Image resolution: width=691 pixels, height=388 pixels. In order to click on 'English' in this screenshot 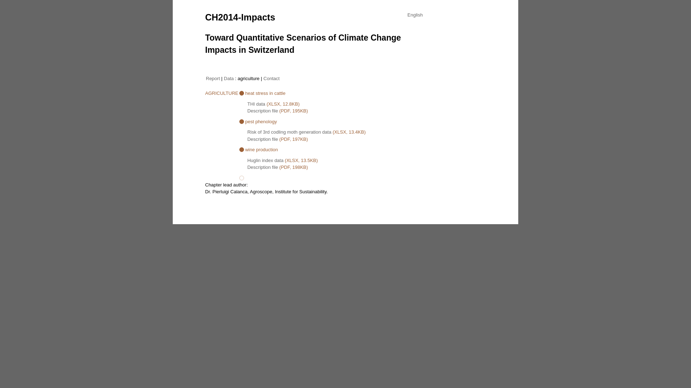, I will do `click(415, 15)`.